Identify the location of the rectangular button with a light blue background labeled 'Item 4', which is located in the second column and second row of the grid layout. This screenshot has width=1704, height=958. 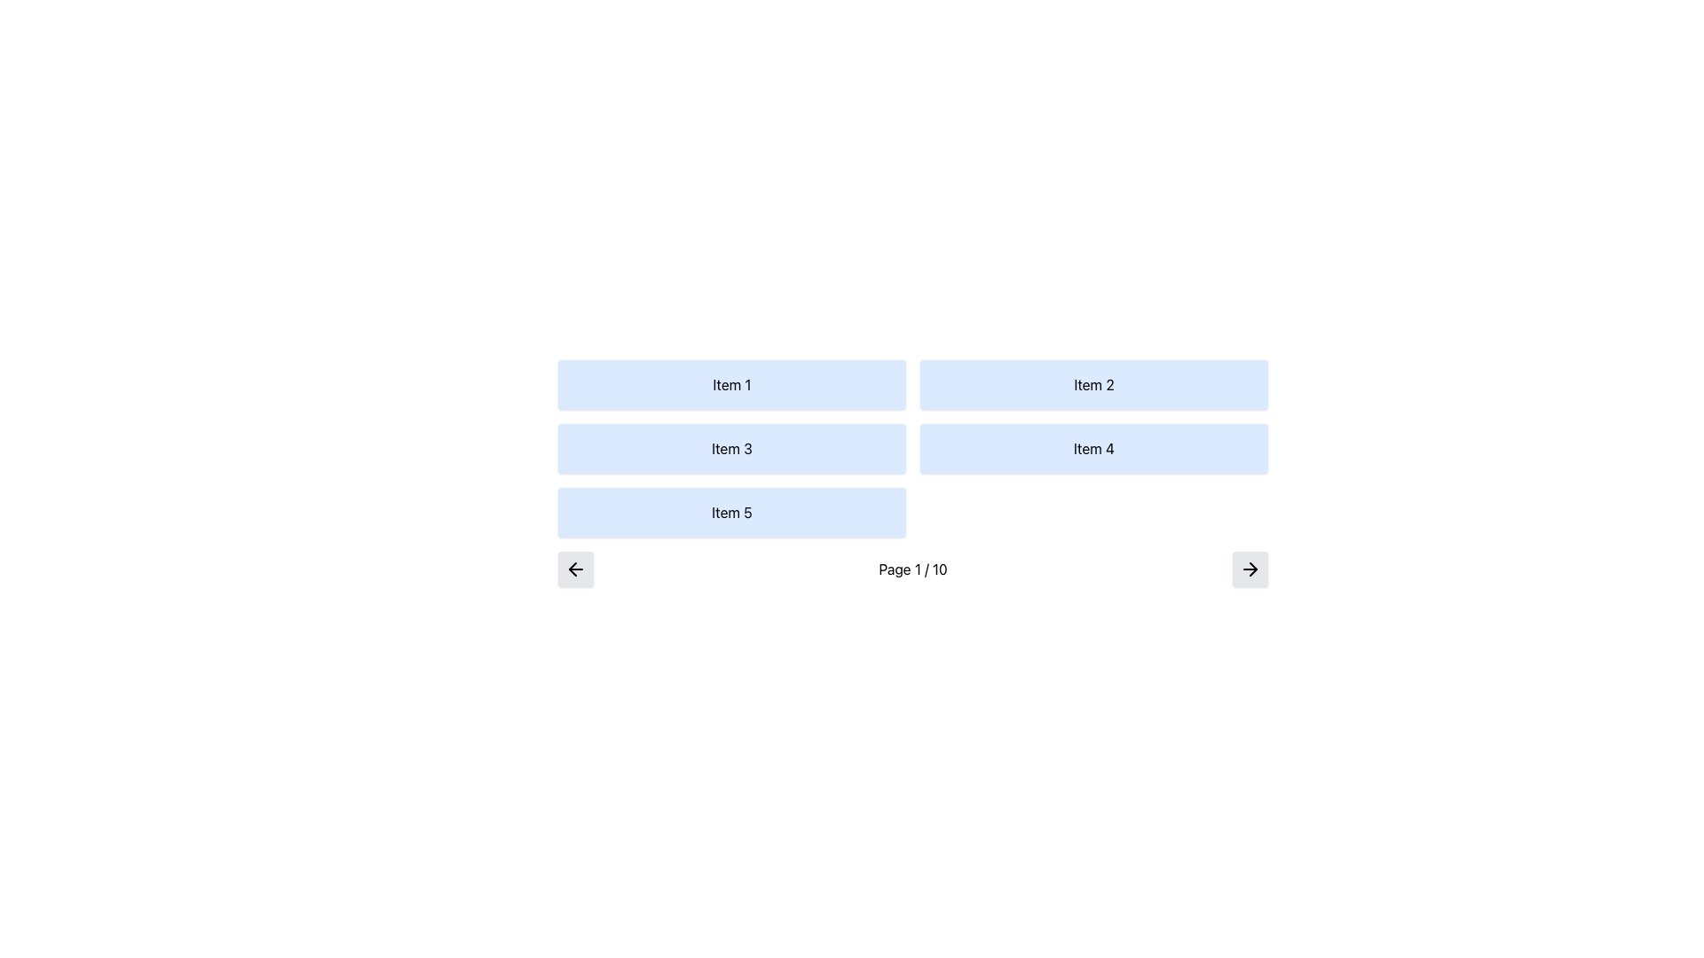
(1093, 447).